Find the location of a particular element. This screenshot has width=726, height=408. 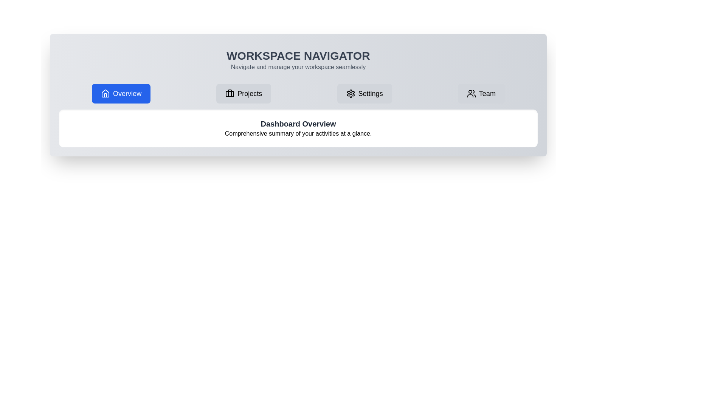

the 'WORKSPACE NAVIGATOR' text label, which is bold, capitalized, and styled with a gray font on a light gray background, located at the top of the interface is located at coordinates (298, 55).